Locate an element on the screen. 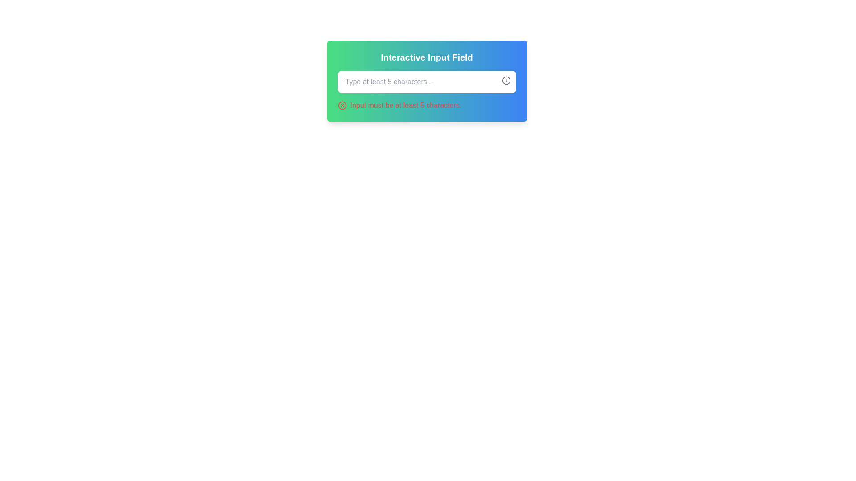  the interactive information icon styled in gray located at the top-right corner of the input field is located at coordinates (506, 81).